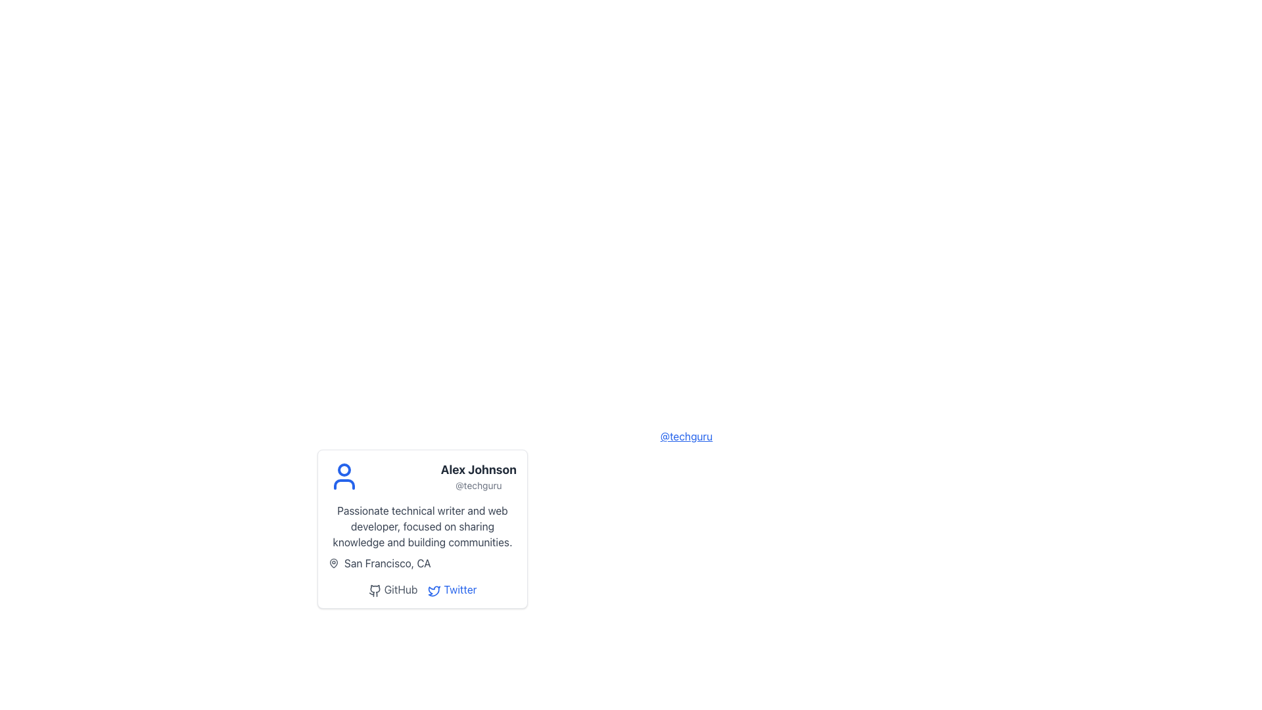 This screenshot has width=1262, height=710. I want to click on text information from the Text content block with a subheading located in the user profile card, which includes the heading 'Passionate technical writer and web developer, focused on sharing knowledge and building communities.' and the subheading 'San Francisco, CA', so click(423, 537).